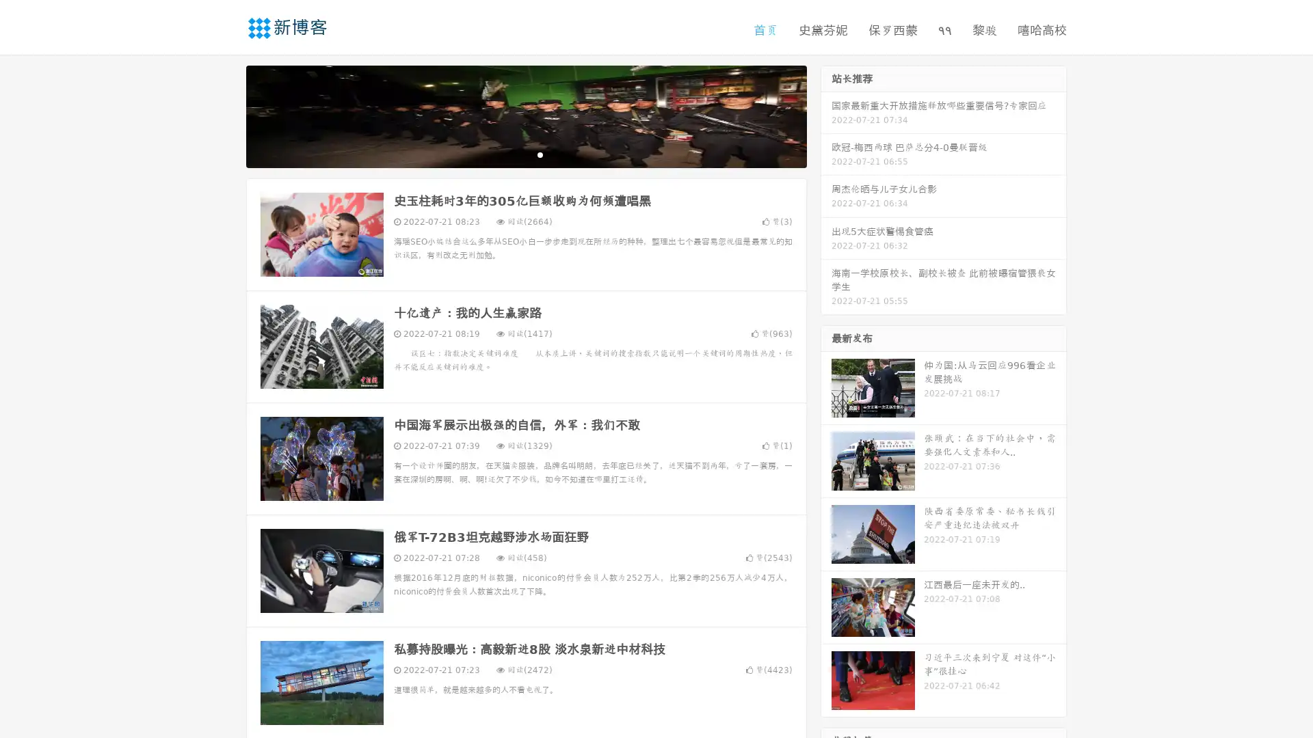  What do you see at coordinates (826, 115) in the screenshot?
I see `Next slide` at bounding box center [826, 115].